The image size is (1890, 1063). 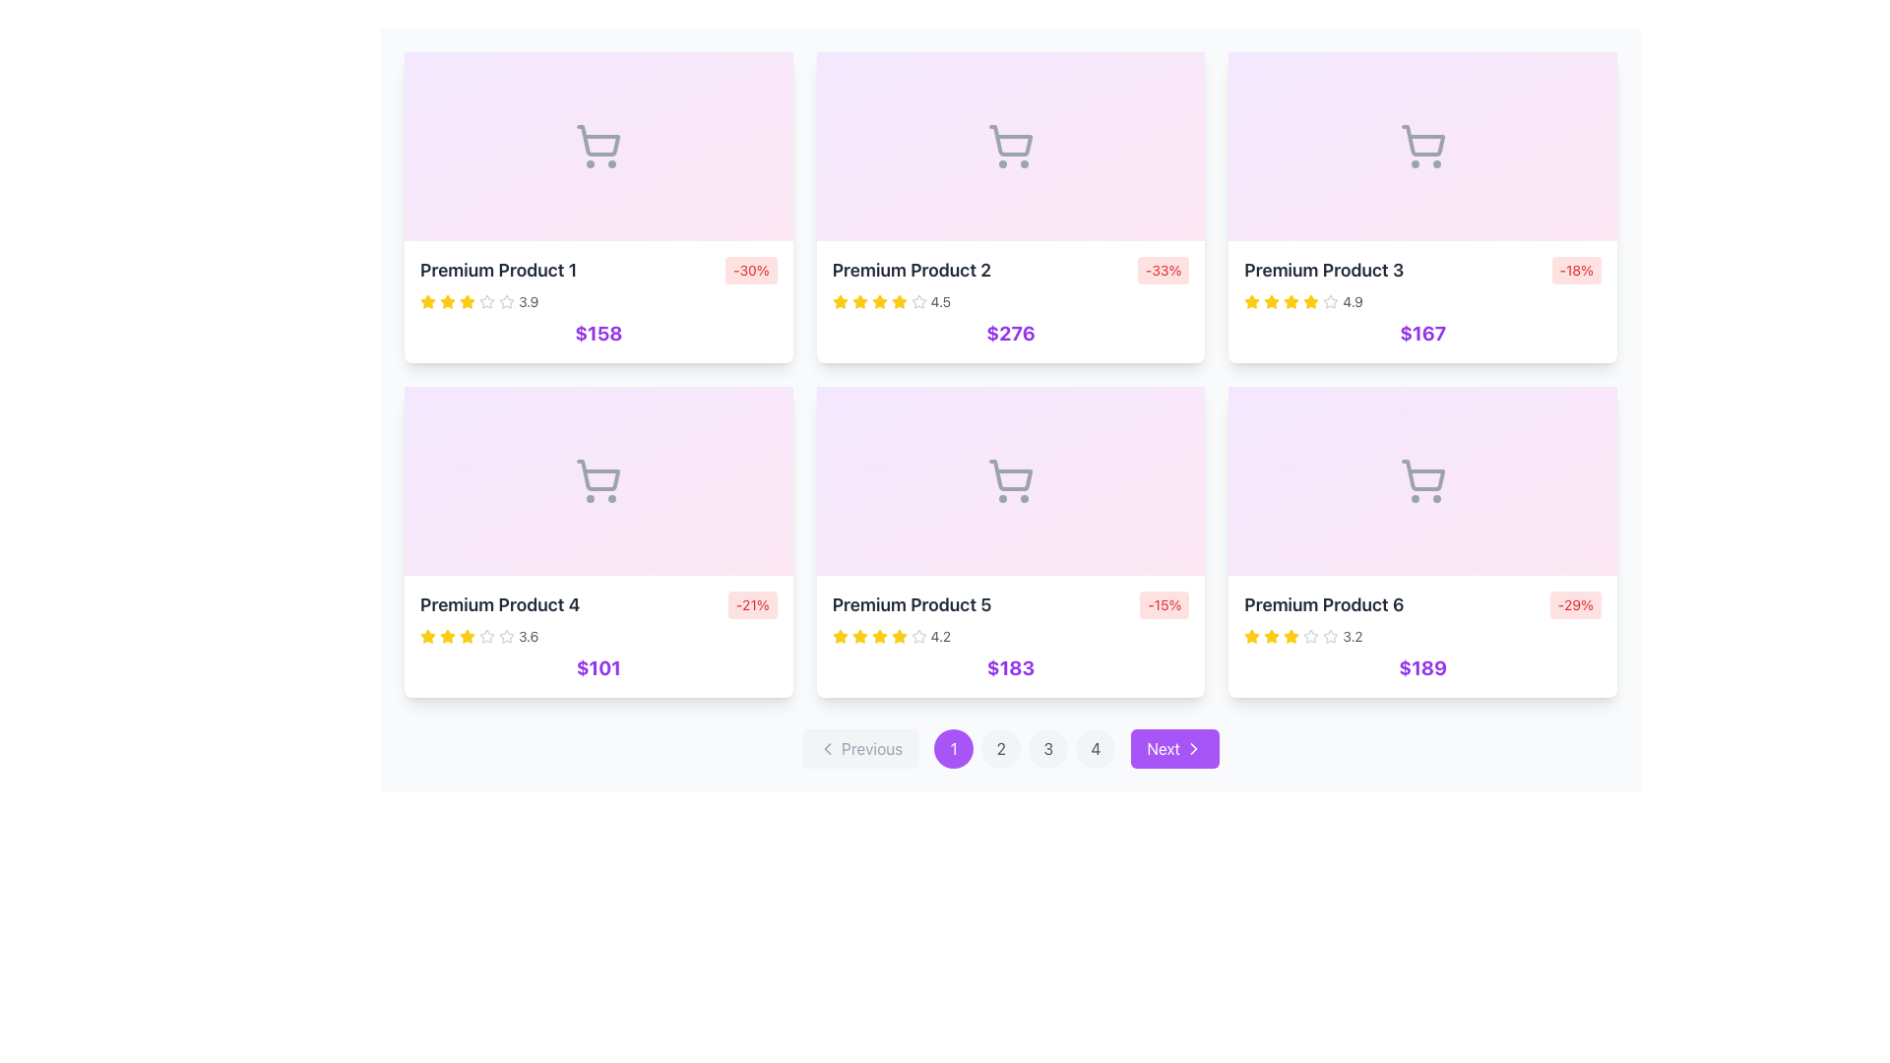 I want to click on the shopping cart icon located in the second card of the upper row in a 2x3 grid layout of product listings, so click(x=1011, y=146).